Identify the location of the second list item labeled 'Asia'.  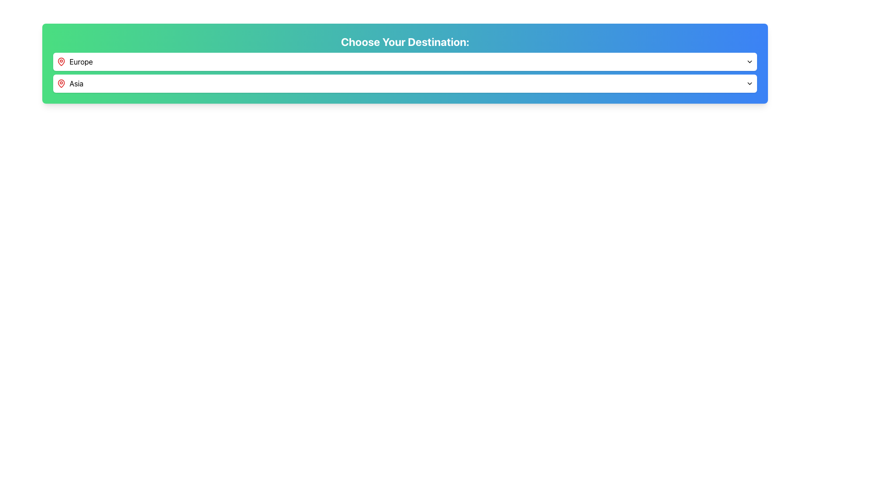
(405, 84).